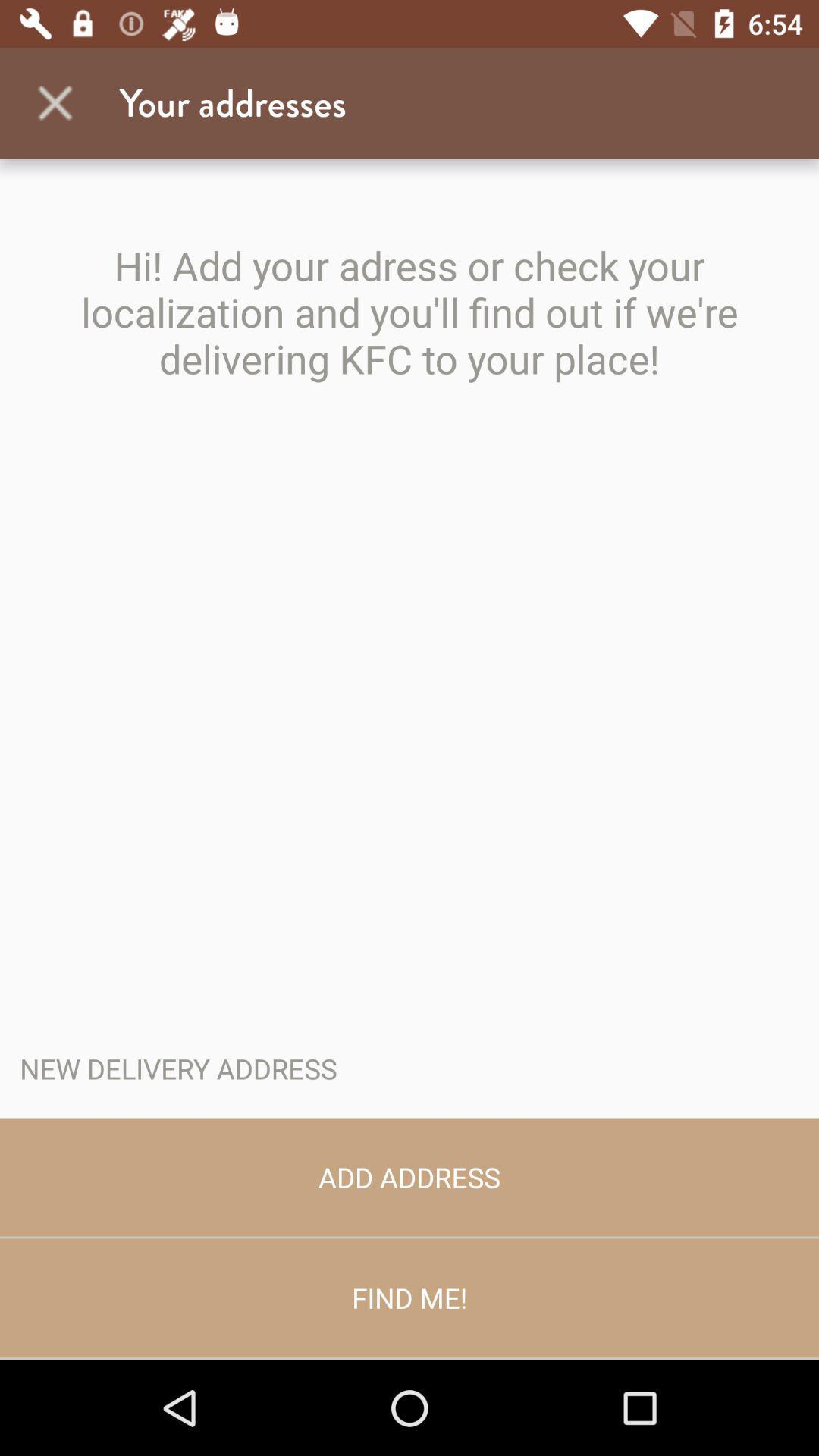 The image size is (819, 1456). What do you see at coordinates (55, 102) in the screenshot?
I see `icon to the left of the your addresses` at bounding box center [55, 102].